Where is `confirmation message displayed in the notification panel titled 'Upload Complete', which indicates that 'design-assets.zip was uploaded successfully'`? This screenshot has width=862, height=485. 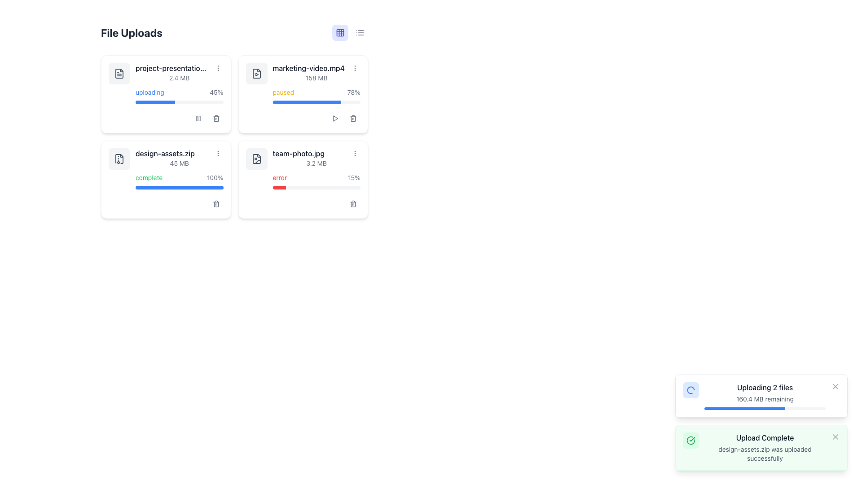 confirmation message displayed in the notification panel titled 'Upload Complete', which indicates that 'design-assets.zip was uploaded successfully' is located at coordinates (765, 447).